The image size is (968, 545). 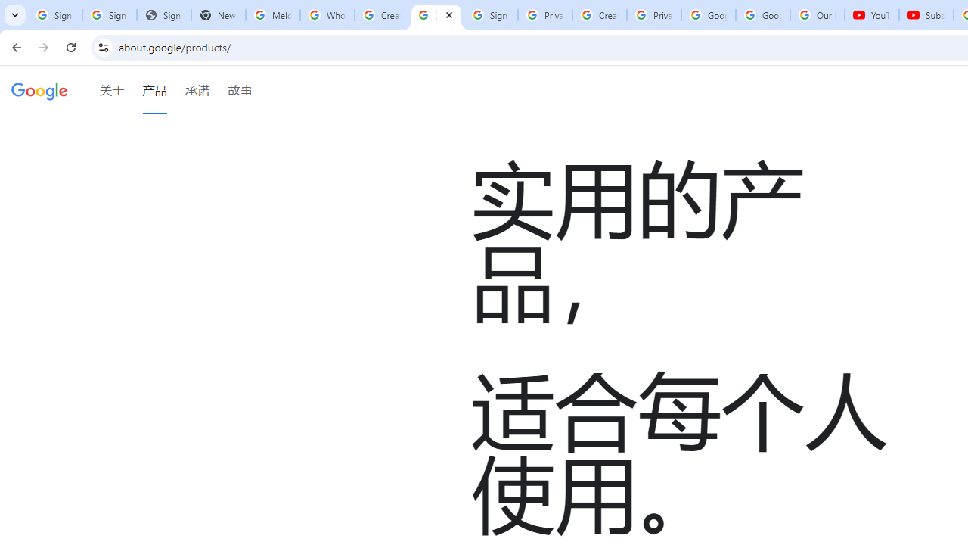 What do you see at coordinates (490, 15) in the screenshot?
I see `'Sign in - Google Accounts'` at bounding box center [490, 15].